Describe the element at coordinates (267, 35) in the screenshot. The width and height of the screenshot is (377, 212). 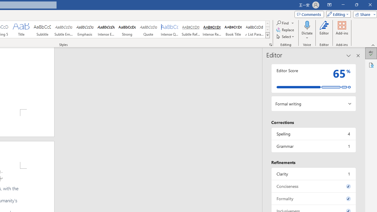
I see `'Styles'` at that location.